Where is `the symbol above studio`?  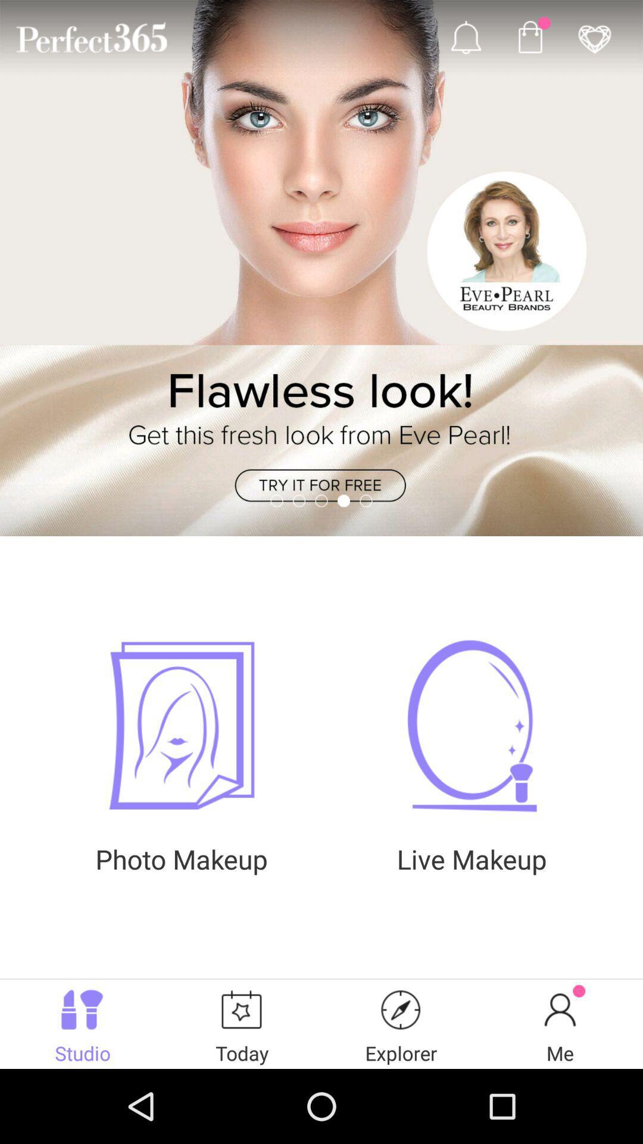
the symbol above studio is located at coordinates (82, 1009).